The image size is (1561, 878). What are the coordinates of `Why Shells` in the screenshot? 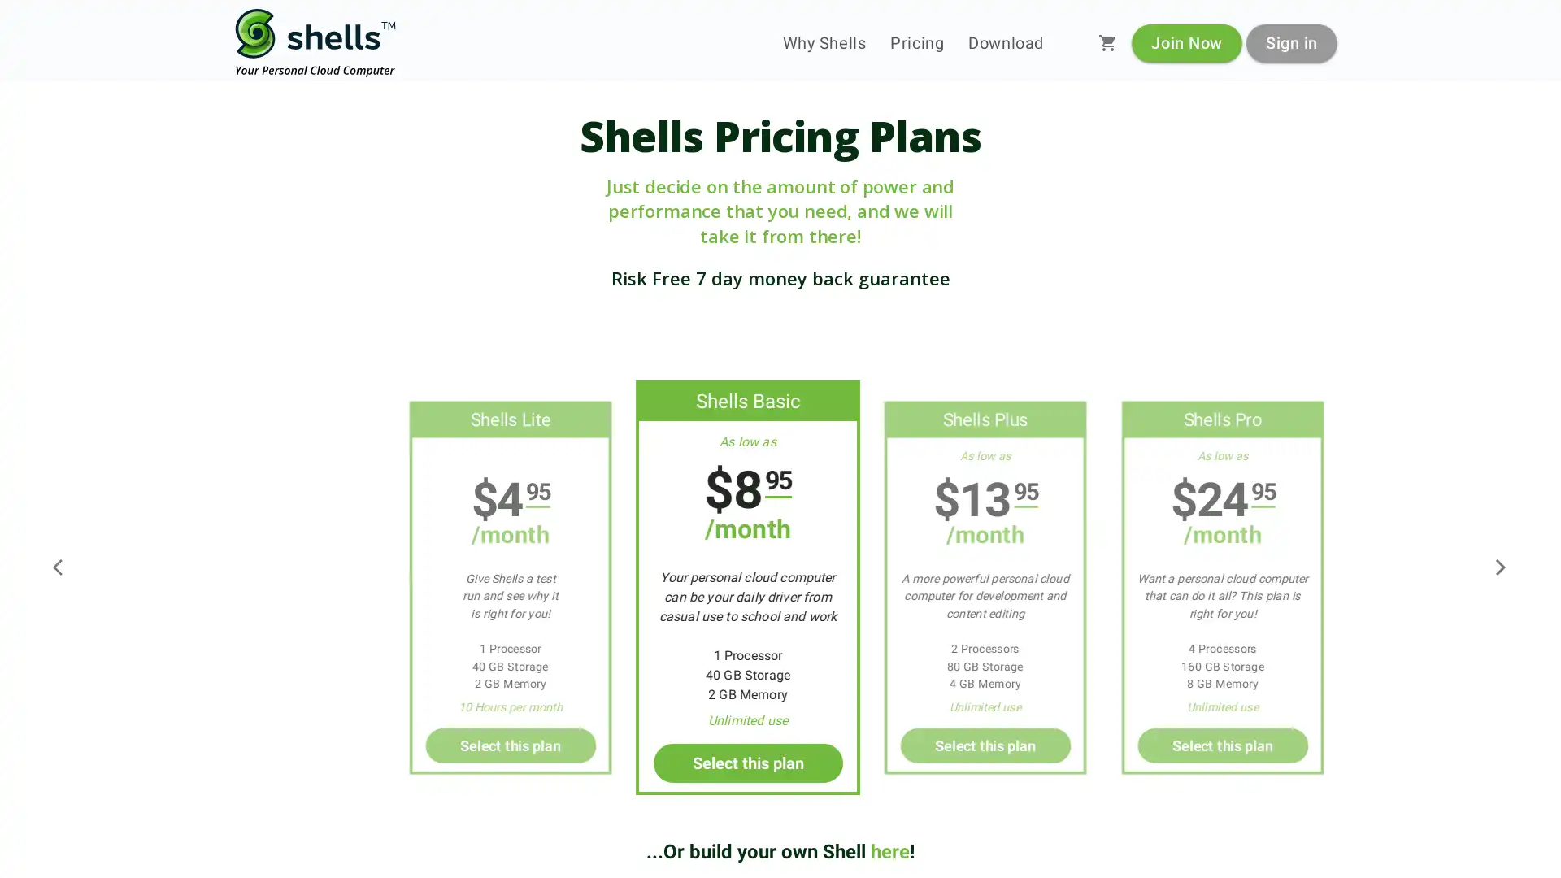 It's located at (824, 42).